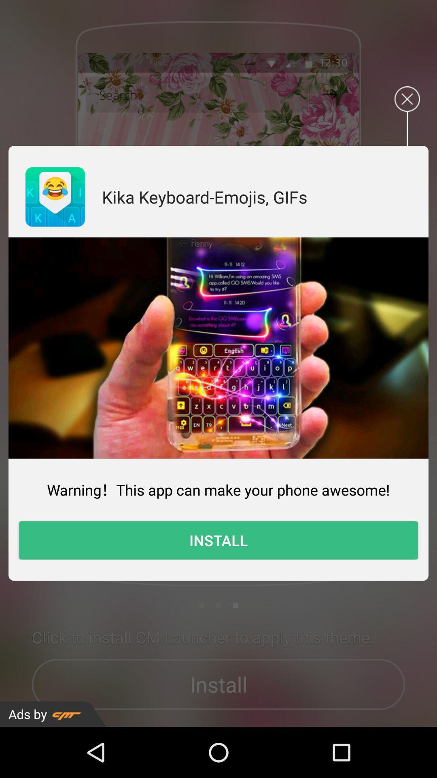 Image resolution: width=437 pixels, height=778 pixels. I want to click on the advertisements, so click(407, 98).